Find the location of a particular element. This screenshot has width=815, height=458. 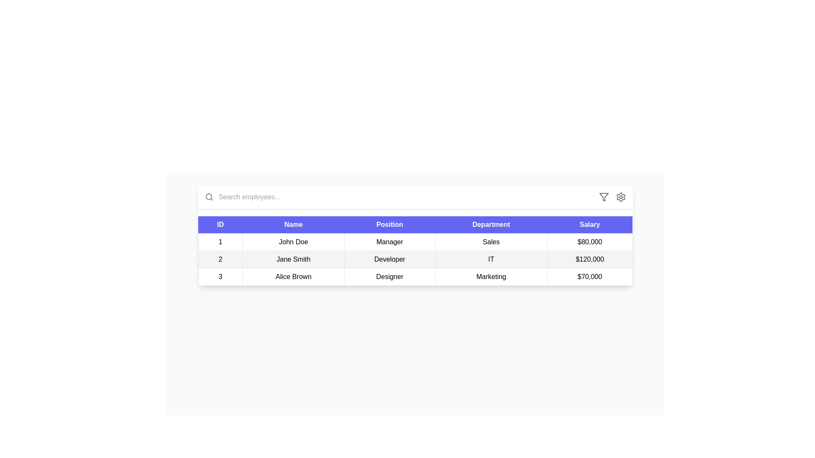

the text input field with placeholder text 'Search employees...' to trigger tooltip or visual effects is located at coordinates (261, 197).